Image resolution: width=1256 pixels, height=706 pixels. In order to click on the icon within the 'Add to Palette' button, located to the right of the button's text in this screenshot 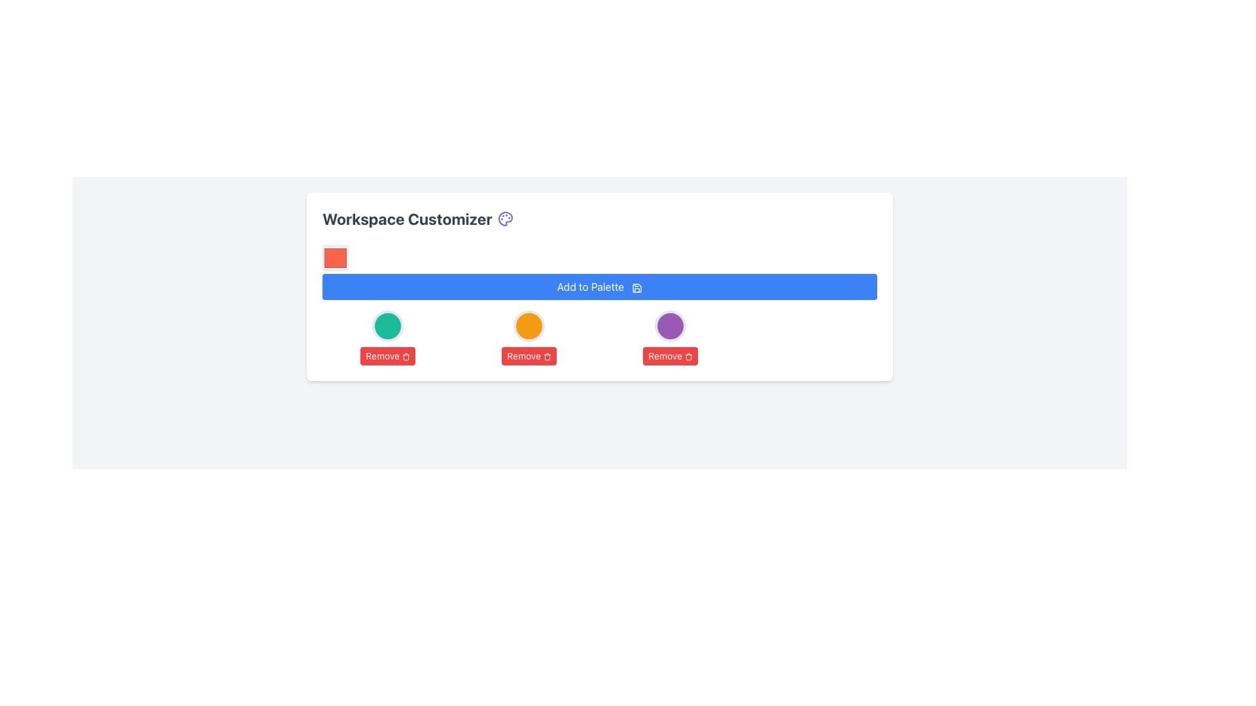, I will do `click(637, 287)`.